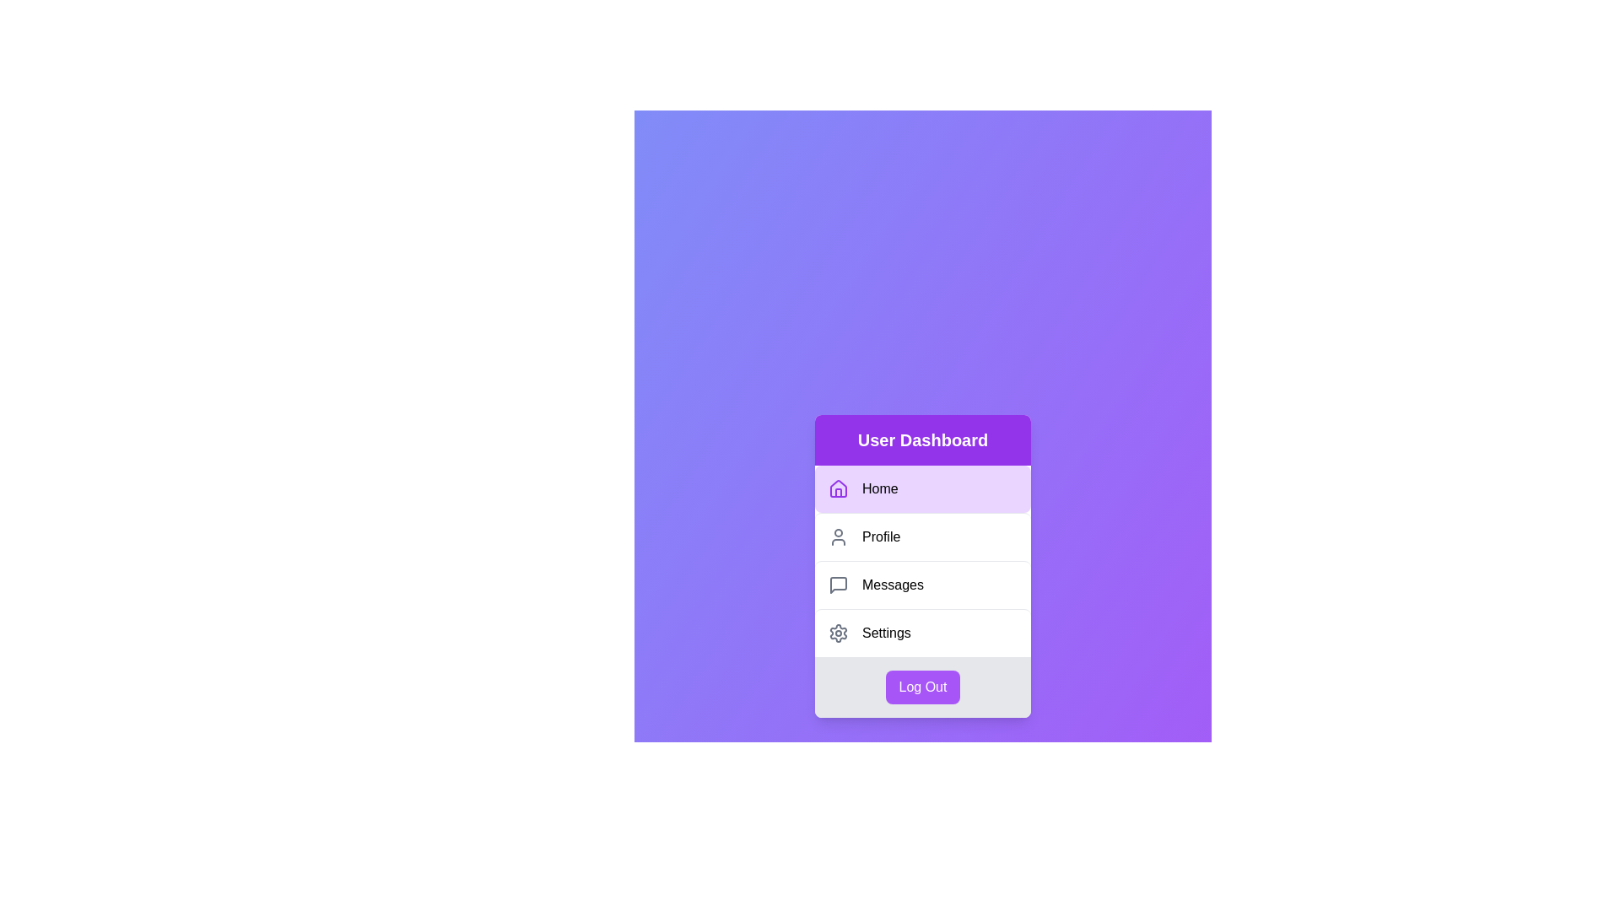  What do you see at coordinates (922, 584) in the screenshot?
I see `the menu item Messages` at bounding box center [922, 584].